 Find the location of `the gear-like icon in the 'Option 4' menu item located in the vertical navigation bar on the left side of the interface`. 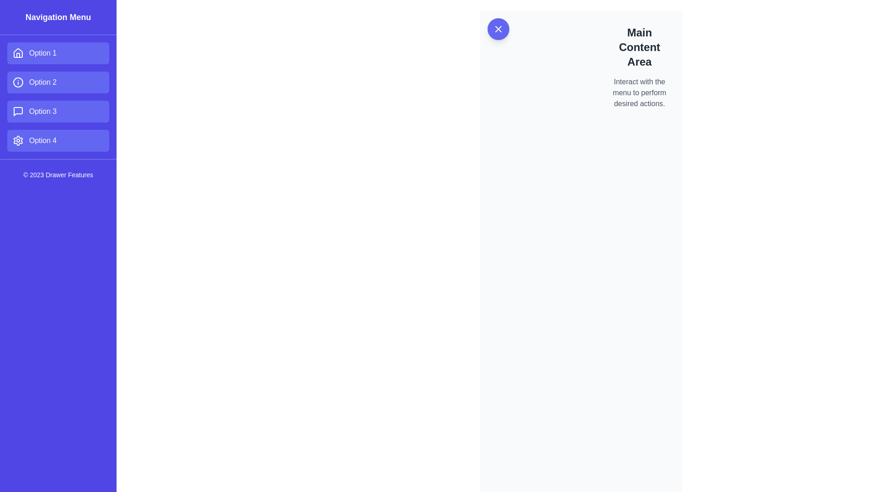

the gear-like icon in the 'Option 4' menu item located in the vertical navigation bar on the left side of the interface is located at coordinates (18, 140).